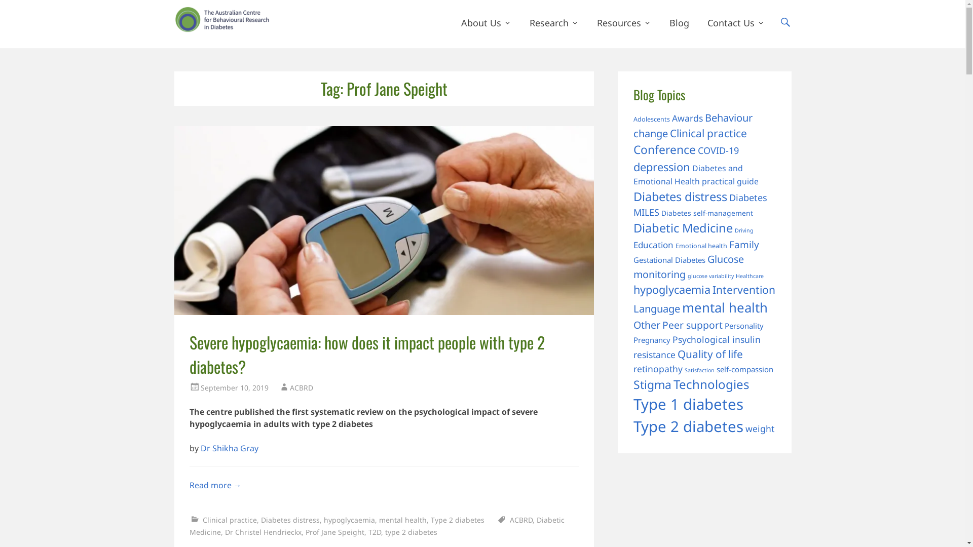  Describe the element at coordinates (521, 520) in the screenshot. I see `'ACBRD'` at that location.